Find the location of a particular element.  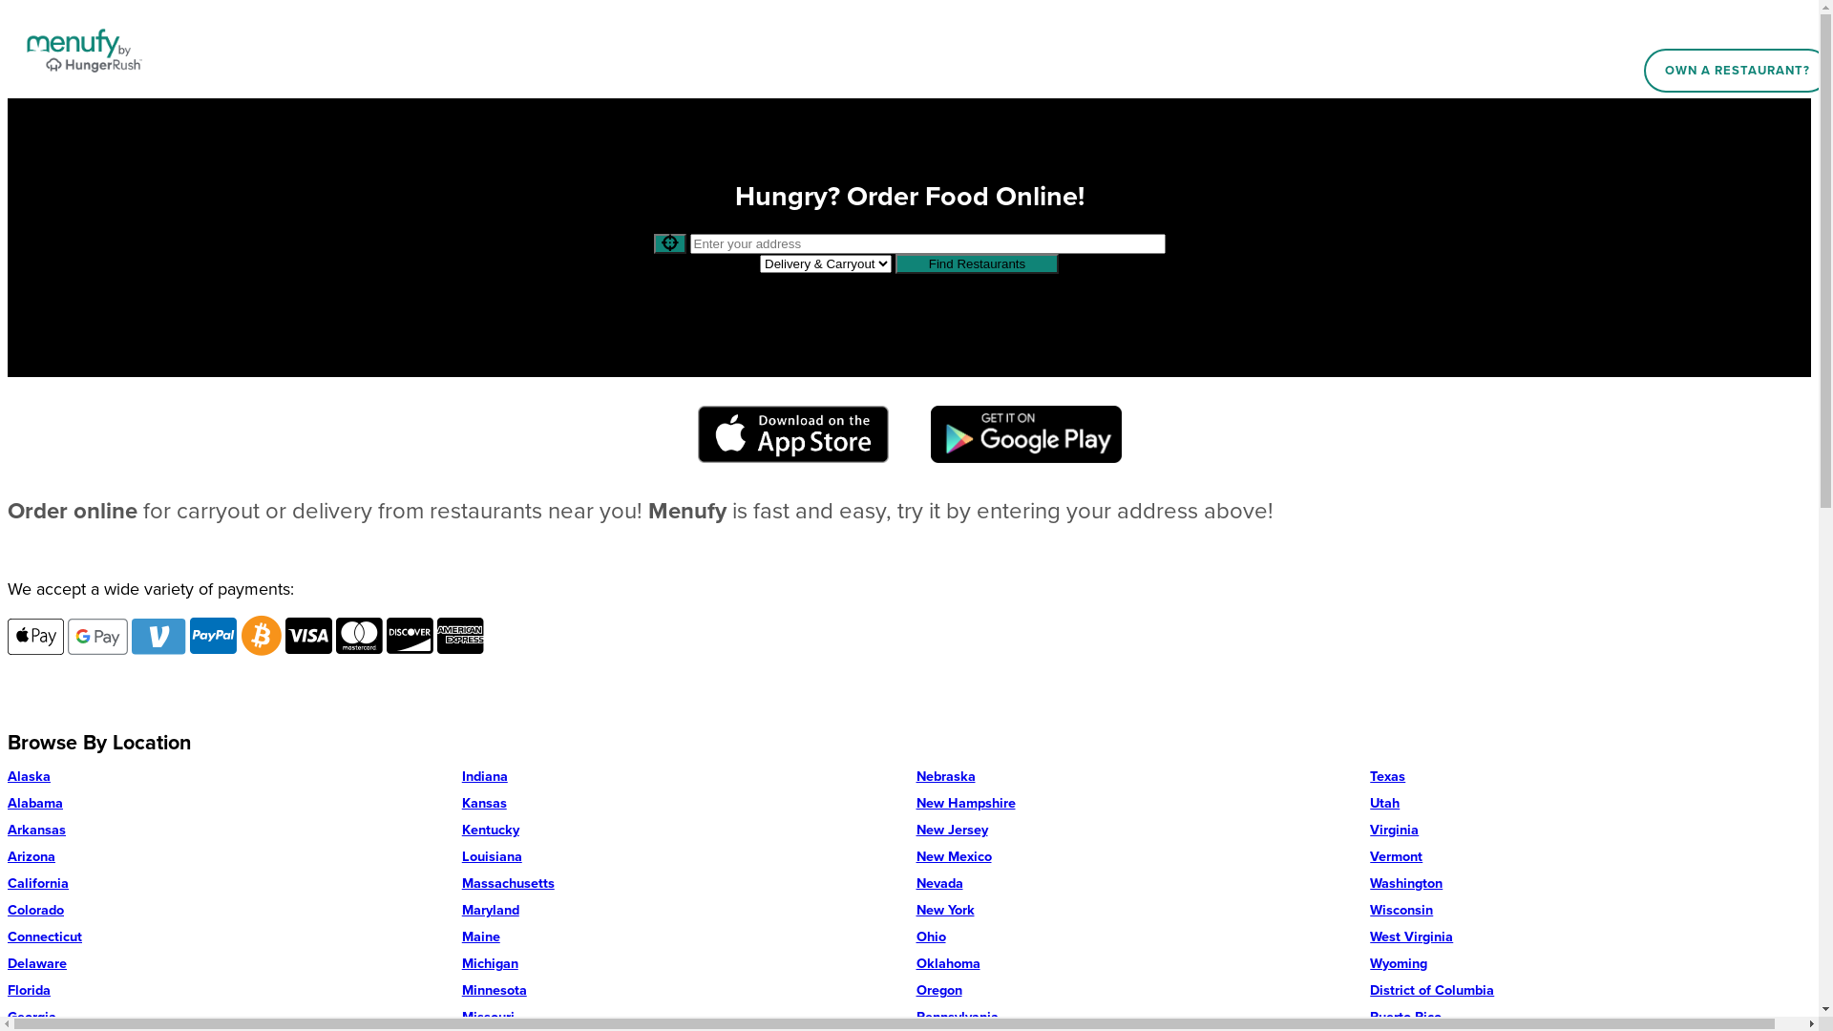

'Accepts Google Pay' is located at coordinates (95, 637).